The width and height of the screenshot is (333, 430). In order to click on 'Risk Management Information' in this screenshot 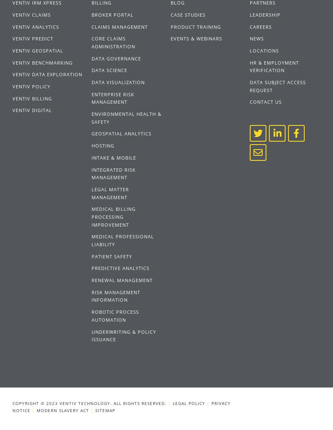, I will do `click(116, 295)`.